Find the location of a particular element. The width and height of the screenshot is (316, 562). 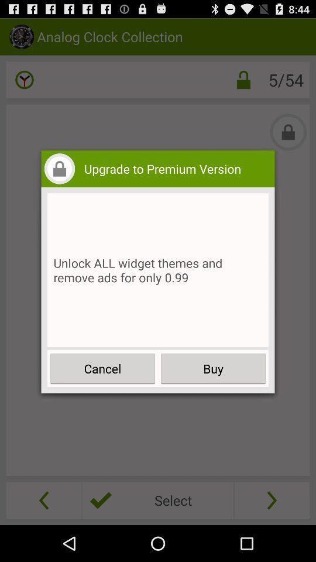

icon on the right is located at coordinates (212, 368).